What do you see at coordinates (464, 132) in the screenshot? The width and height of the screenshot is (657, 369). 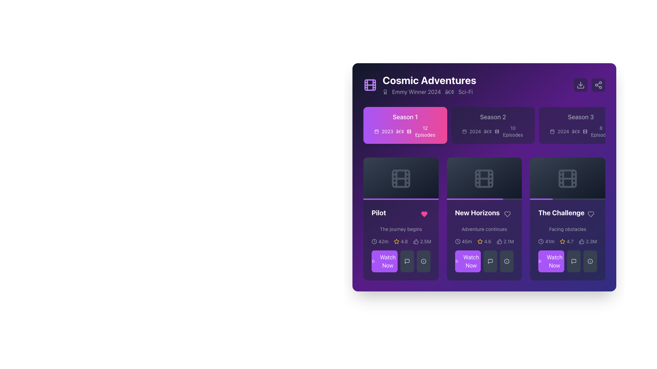 I see `calendar icon located in the second season box, which is to the left of the text '2024' in the header row for season information` at bounding box center [464, 132].